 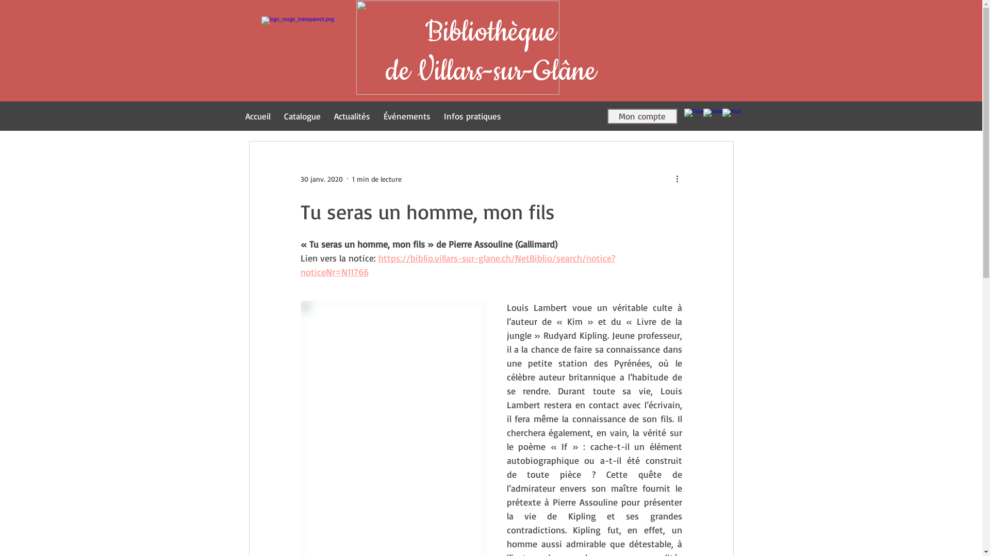 What do you see at coordinates (642, 116) in the screenshot?
I see `'Mon compte'` at bounding box center [642, 116].